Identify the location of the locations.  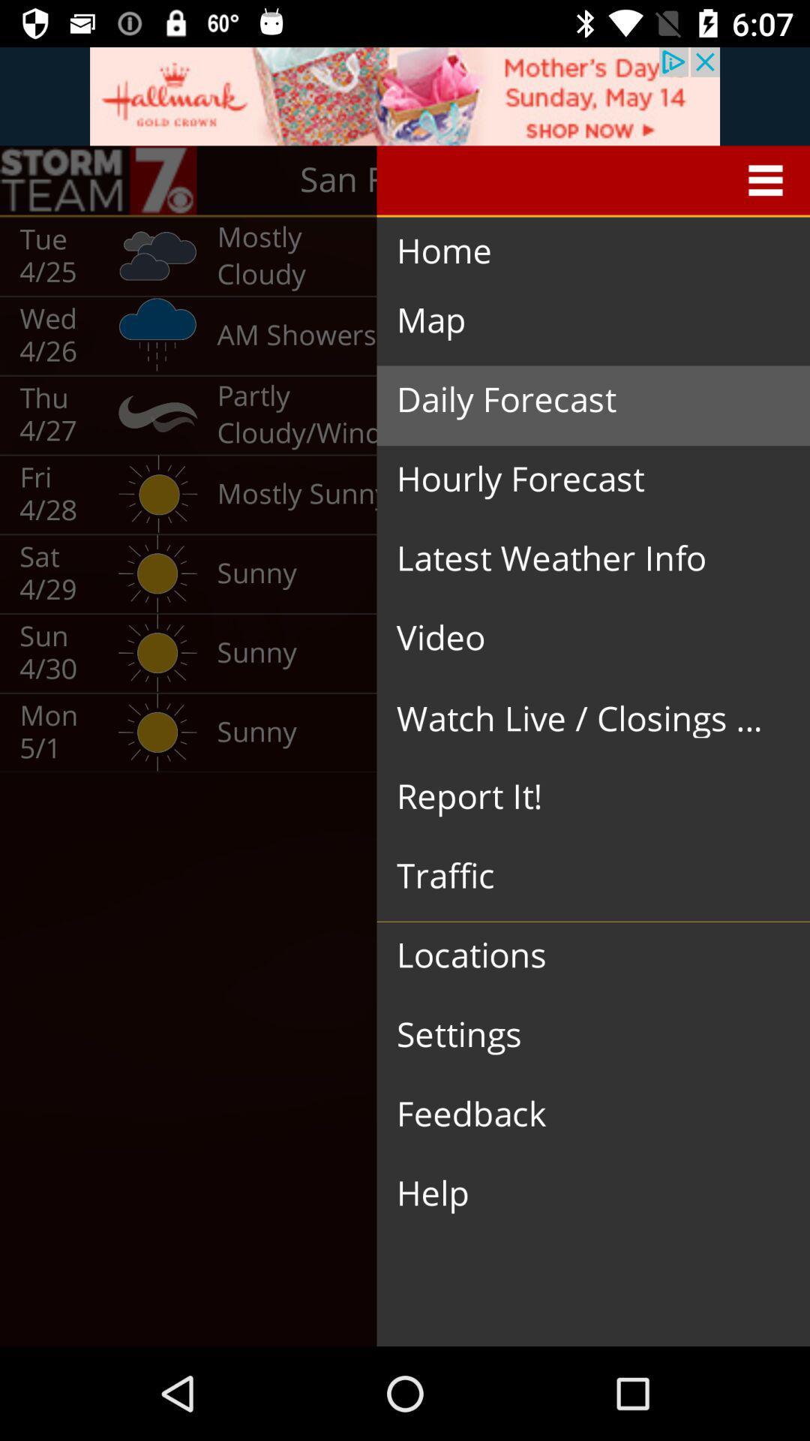
(580, 955).